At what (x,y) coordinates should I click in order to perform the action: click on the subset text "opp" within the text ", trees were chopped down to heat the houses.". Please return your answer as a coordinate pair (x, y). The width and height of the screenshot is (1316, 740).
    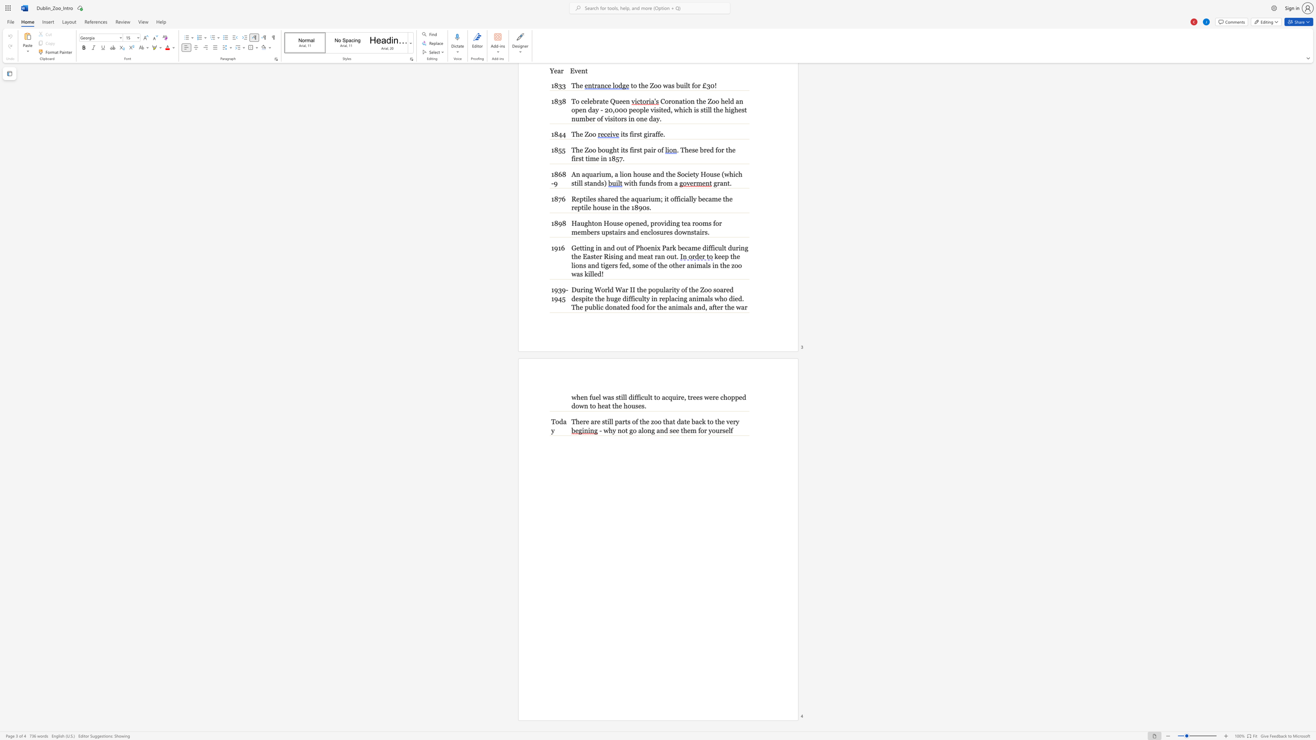
    Looking at the image, I should click on (727, 396).